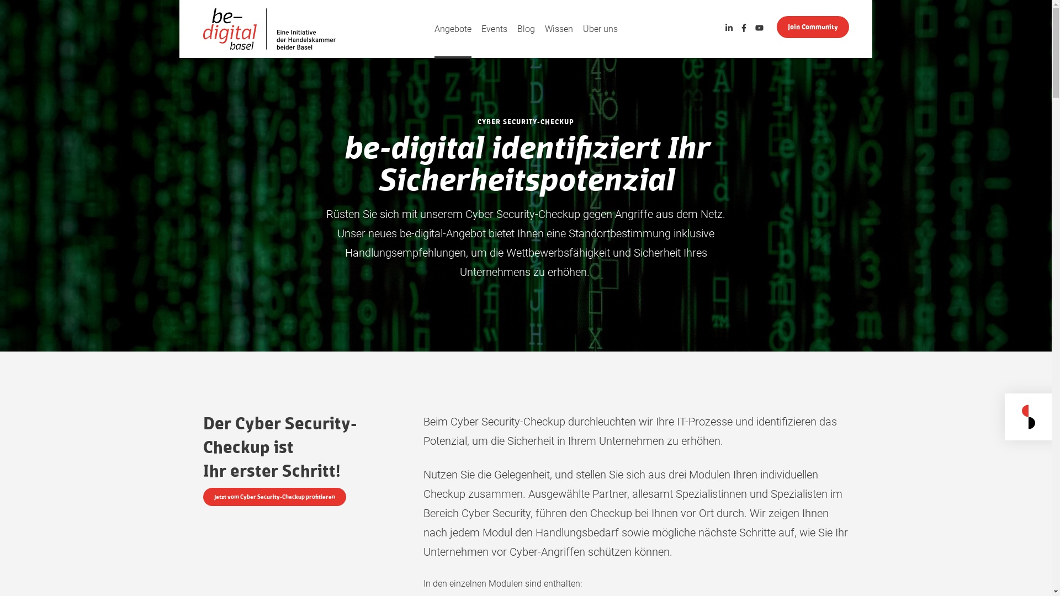  I want to click on 'Events', so click(494, 28).